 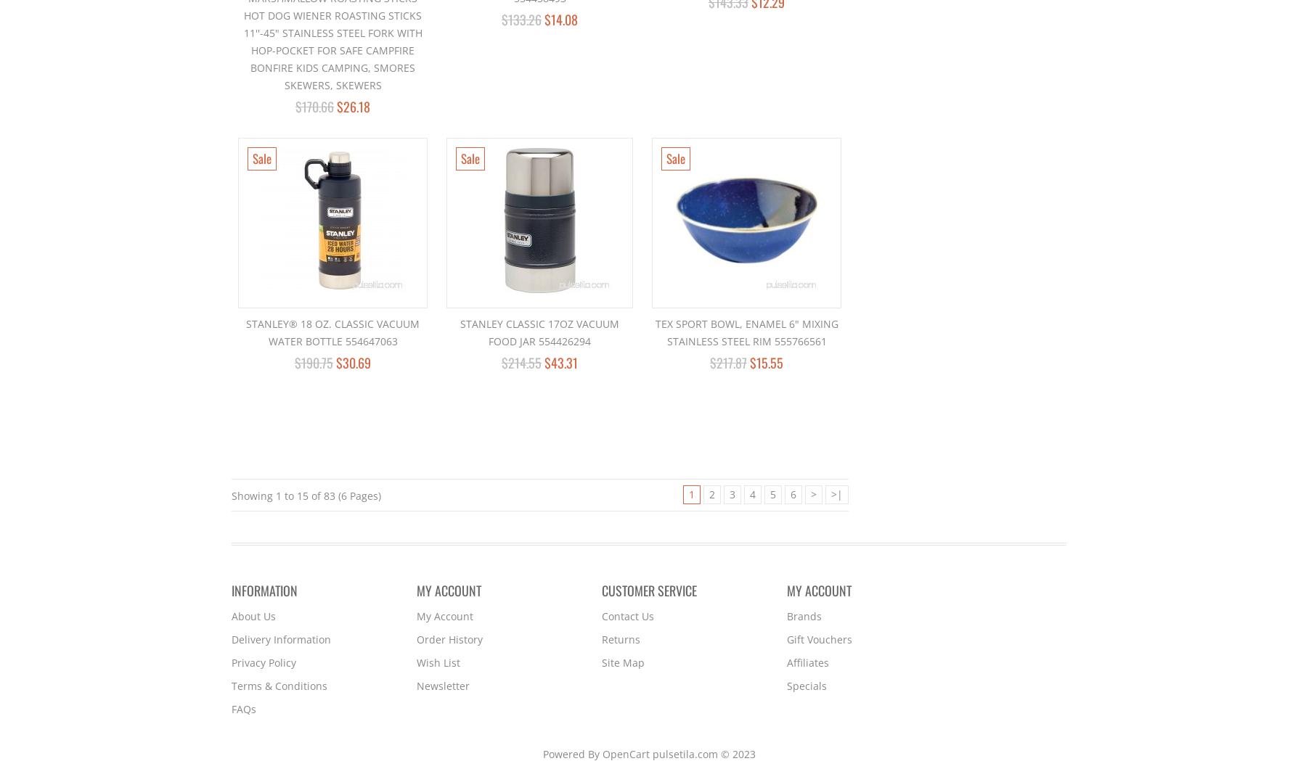 I want to click on '2', so click(x=709, y=493).